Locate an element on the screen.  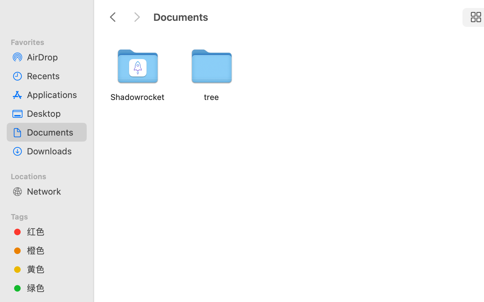
'Tags' is located at coordinates (50, 215).